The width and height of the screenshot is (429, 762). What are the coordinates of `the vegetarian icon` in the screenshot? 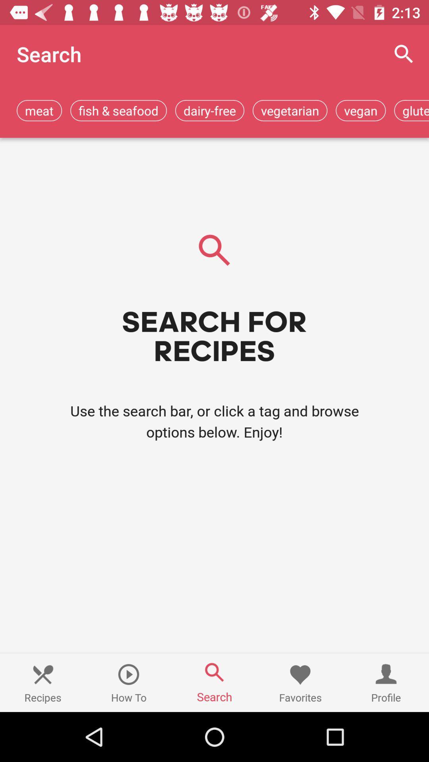 It's located at (290, 110).